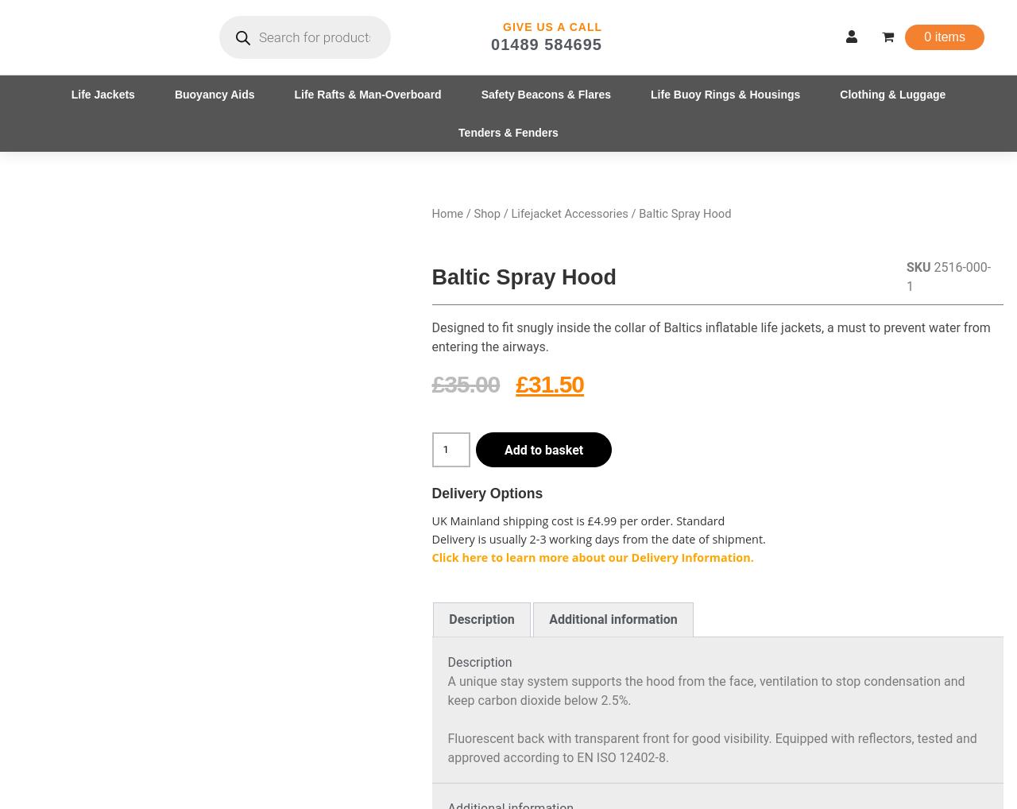 This screenshot has width=1017, height=809. Describe the element at coordinates (485, 491) in the screenshot. I see `'Delivery Options'` at that location.